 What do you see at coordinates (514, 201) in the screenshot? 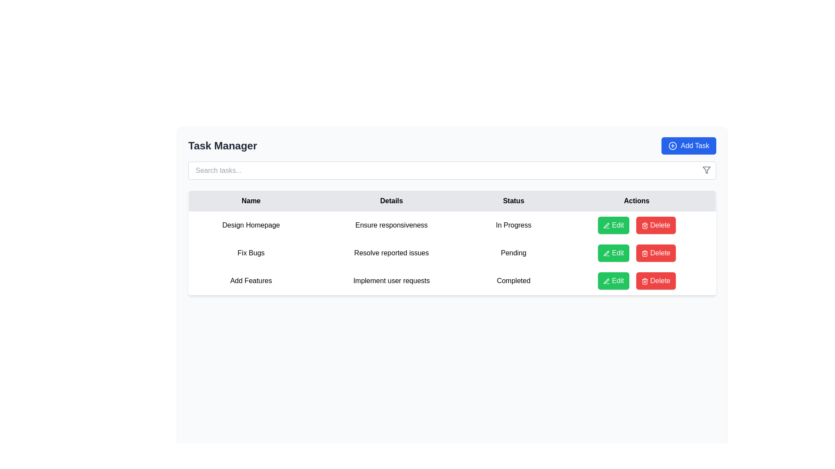
I see `the 'Status' column header cell in the table, which is the third column header and is positioned between the 'Details' and 'Actions' columns` at bounding box center [514, 201].